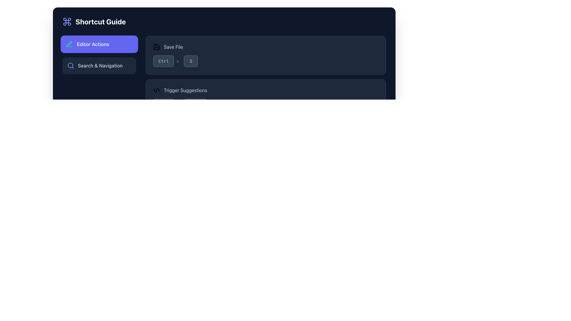  Describe the element at coordinates (67, 21) in the screenshot. I see `the 'Shortcut Guide' SVG icon located to the left of the text 'Shortcut Guide' in the top-left area of the interface` at that location.